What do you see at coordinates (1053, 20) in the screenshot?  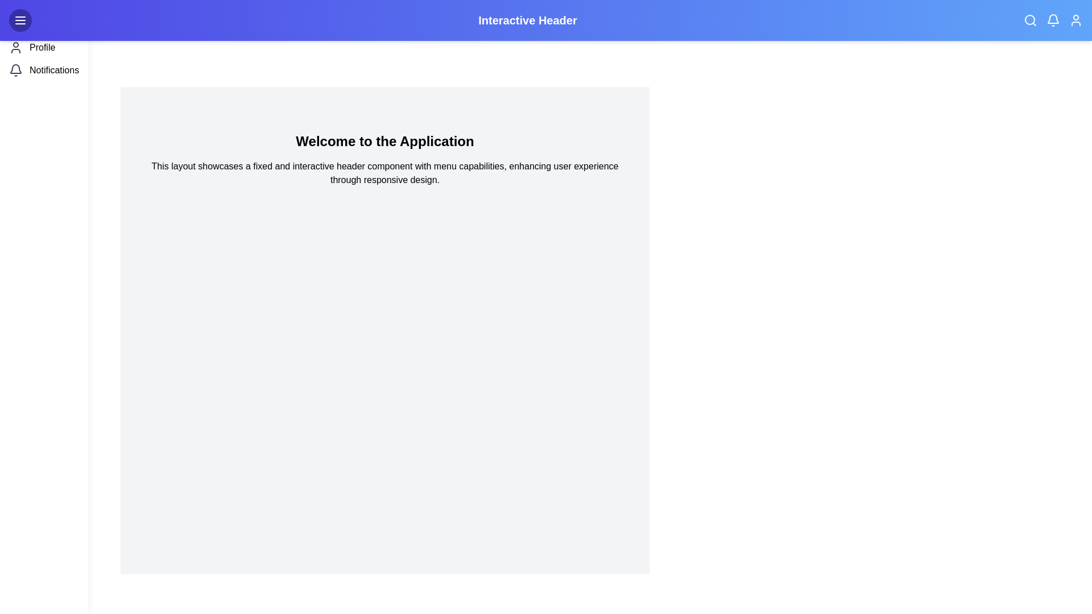 I see `the bell icon notification indicator, which is the third element in the group of icons at the top-right corner of the layout` at bounding box center [1053, 20].